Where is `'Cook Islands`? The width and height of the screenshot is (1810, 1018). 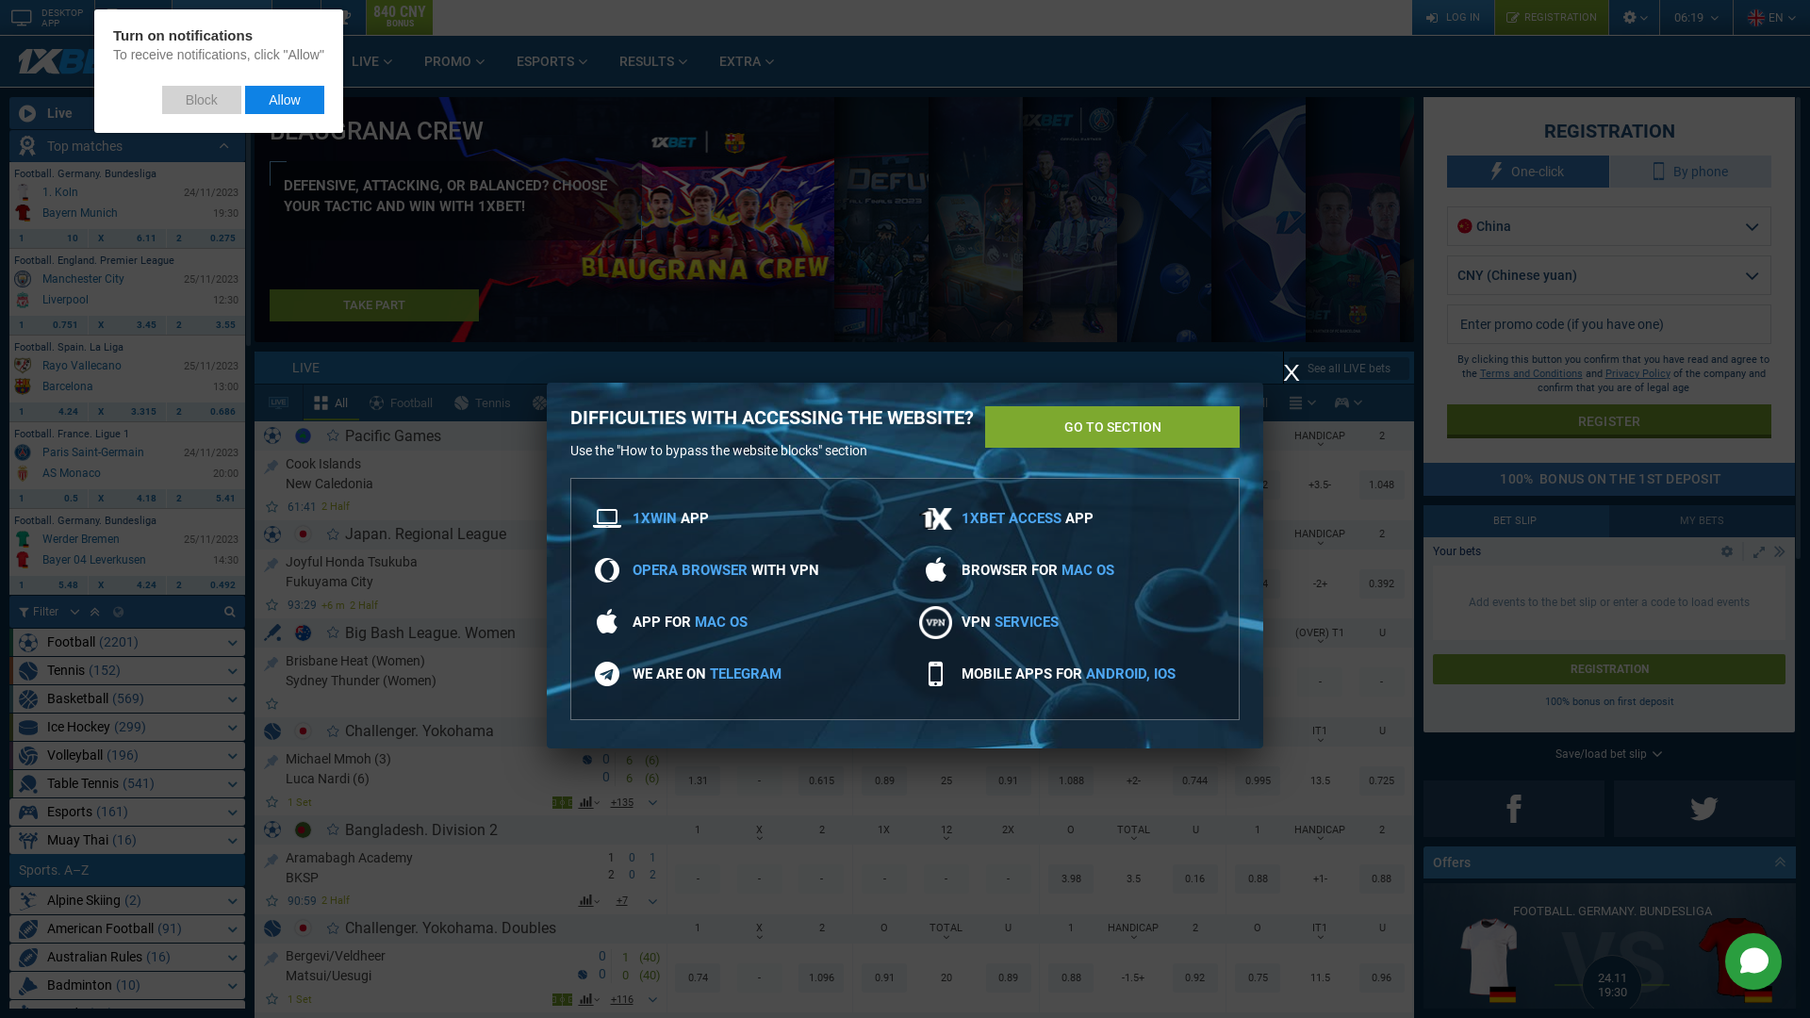
'Cook Islands is located at coordinates (284, 471).